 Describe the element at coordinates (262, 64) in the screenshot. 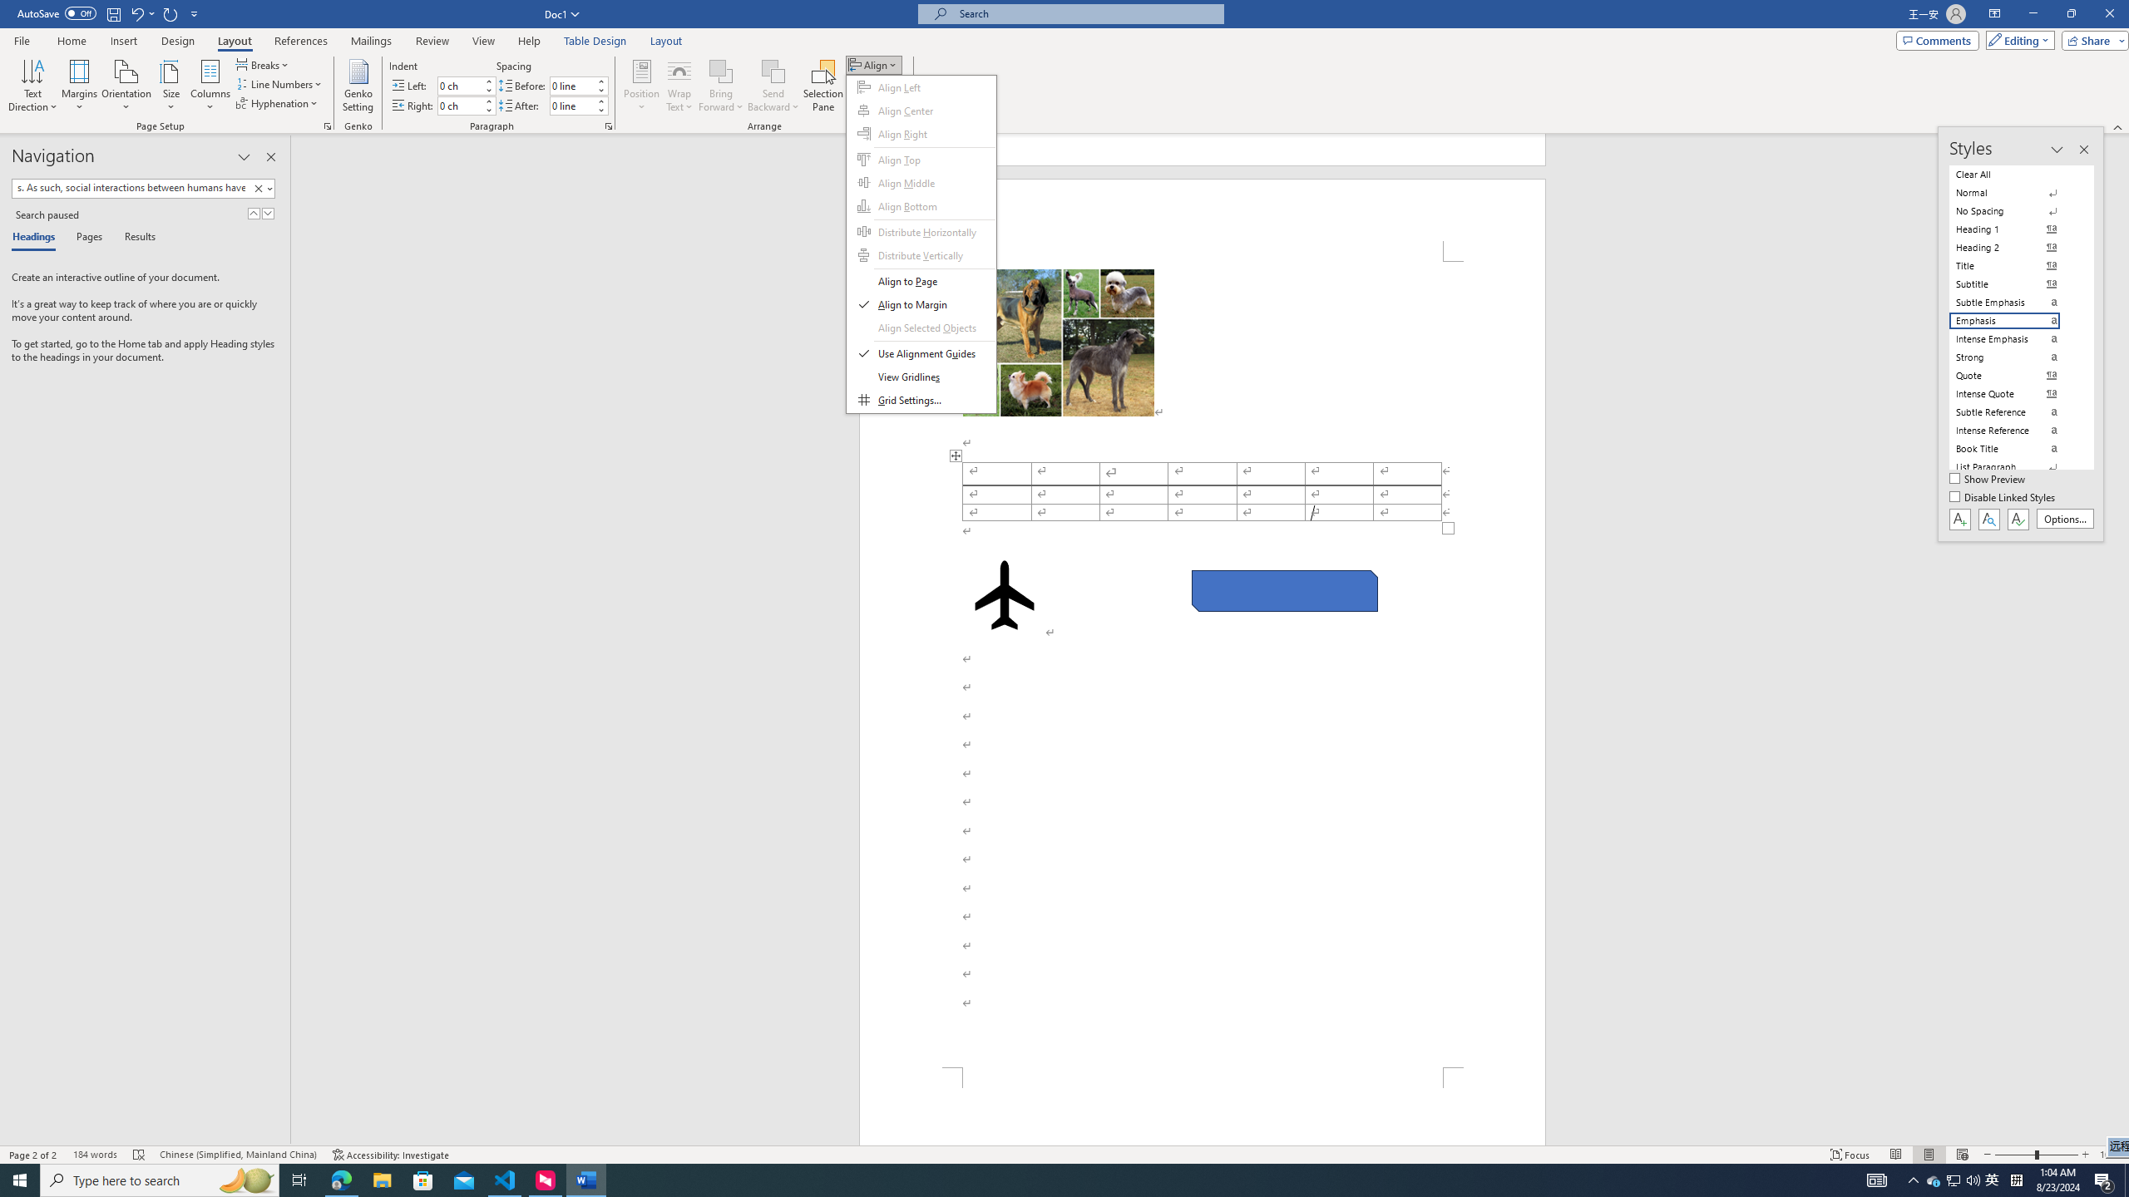

I see `'Breaks'` at that location.